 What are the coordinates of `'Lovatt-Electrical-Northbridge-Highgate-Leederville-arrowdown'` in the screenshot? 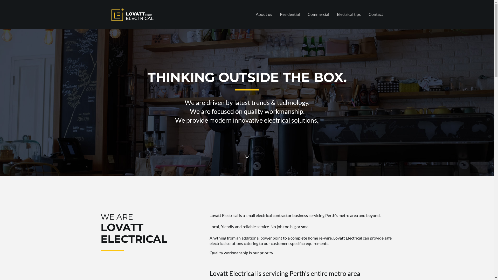 It's located at (243, 156).